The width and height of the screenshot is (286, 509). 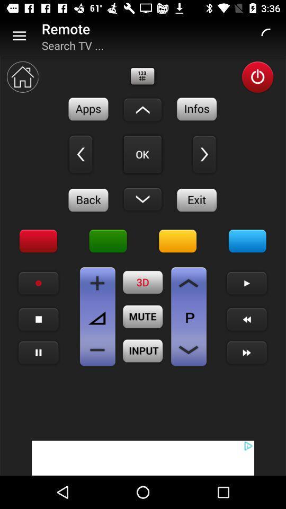 What do you see at coordinates (247, 319) in the screenshot?
I see `previous` at bounding box center [247, 319].